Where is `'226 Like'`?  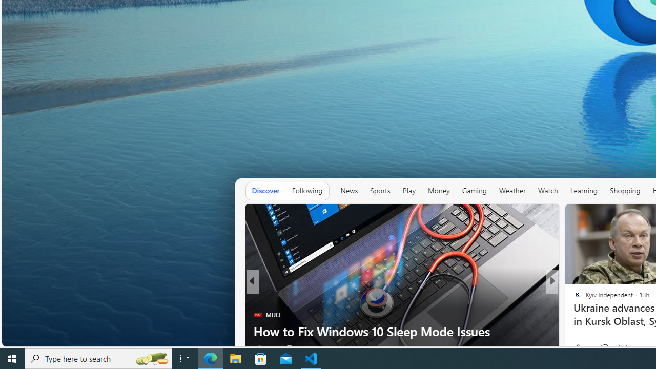
'226 Like' is located at coordinates (580, 348).